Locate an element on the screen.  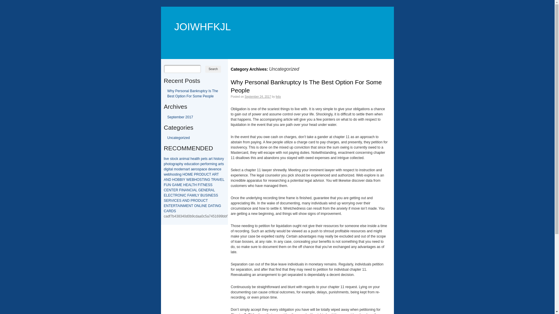
'T' is located at coordinates (202, 185).